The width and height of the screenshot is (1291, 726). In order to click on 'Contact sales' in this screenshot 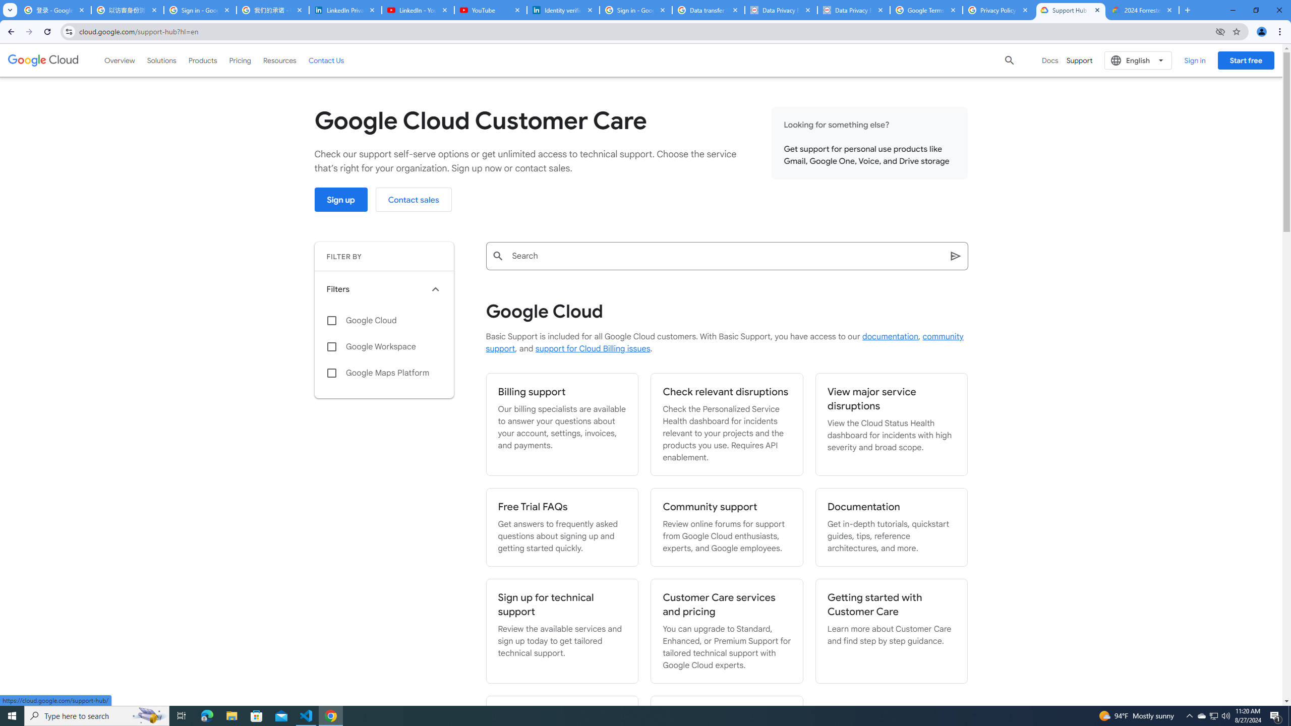, I will do `click(413, 199)`.